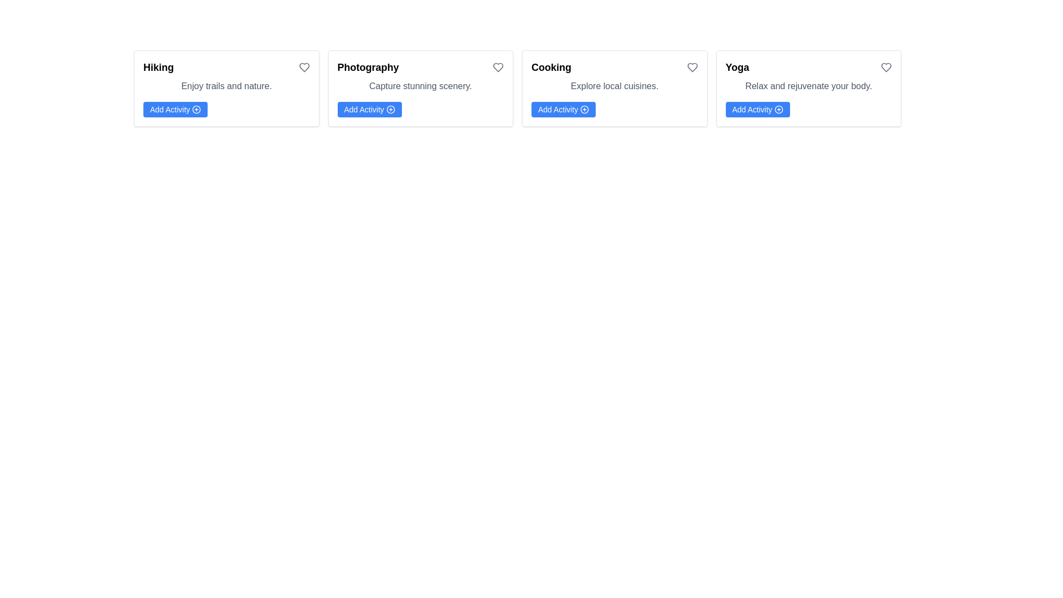  What do you see at coordinates (808, 85) in the screenshot?
I see `the text snippet reading 'Relax and rejuvenate your body.' located within the 'Yoga' category card, positioned below the category title` at bounding box center [808, 85].